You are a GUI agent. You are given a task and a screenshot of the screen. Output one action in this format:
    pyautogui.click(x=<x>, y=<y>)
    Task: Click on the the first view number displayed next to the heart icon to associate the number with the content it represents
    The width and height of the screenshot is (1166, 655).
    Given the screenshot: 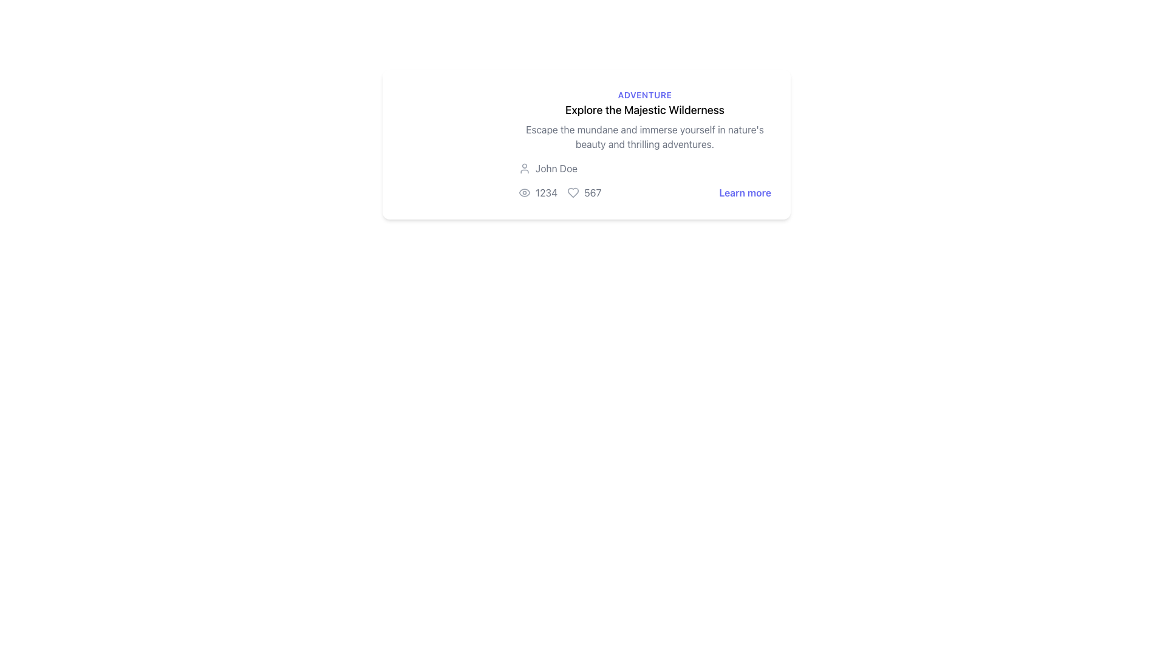 What is the action you would take?
    pyautogui.click(x=537, y=192)
    